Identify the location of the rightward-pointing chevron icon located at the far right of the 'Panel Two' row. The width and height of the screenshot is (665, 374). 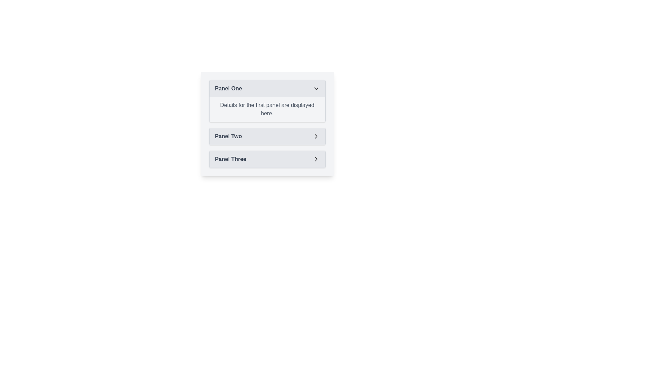
(316, 136).